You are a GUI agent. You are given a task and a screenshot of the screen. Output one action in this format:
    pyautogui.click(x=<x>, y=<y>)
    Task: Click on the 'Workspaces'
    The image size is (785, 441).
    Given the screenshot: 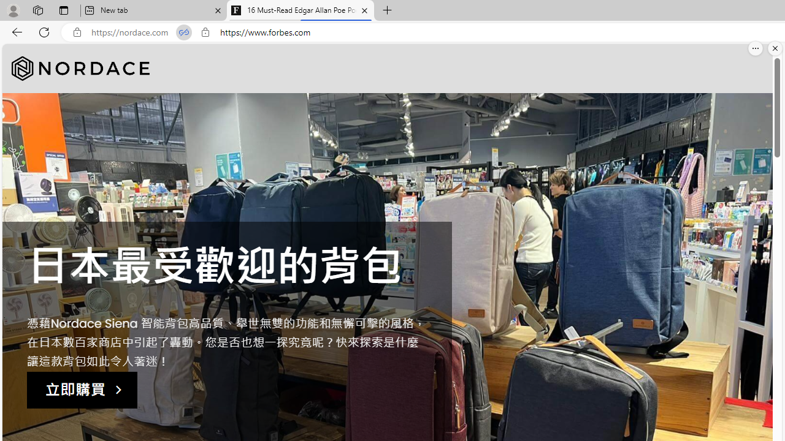 What is the action you would take?
    pyautogui.click(x=37, y=10)
    